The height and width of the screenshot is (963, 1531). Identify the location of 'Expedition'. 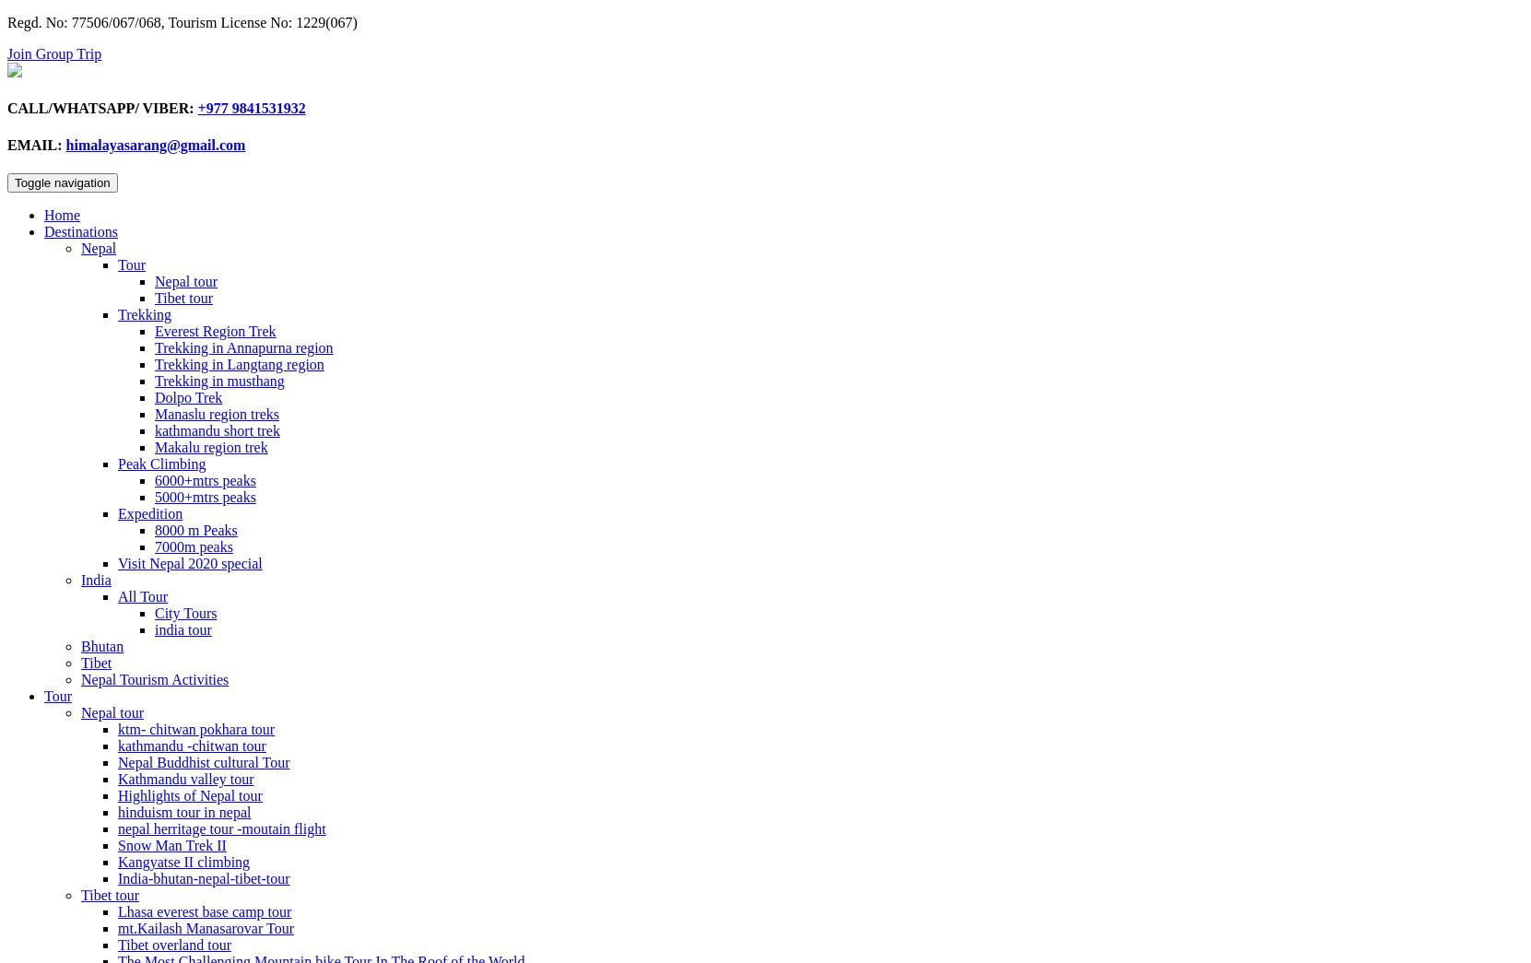
(149, 512).